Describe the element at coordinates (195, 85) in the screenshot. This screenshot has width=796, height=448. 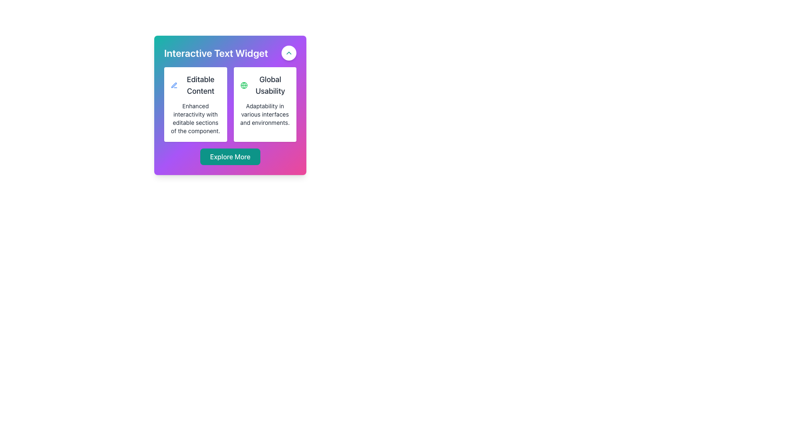
I see `the text details of the Label with an icon that serves as a title for the left card in the two-card layout` at that location.